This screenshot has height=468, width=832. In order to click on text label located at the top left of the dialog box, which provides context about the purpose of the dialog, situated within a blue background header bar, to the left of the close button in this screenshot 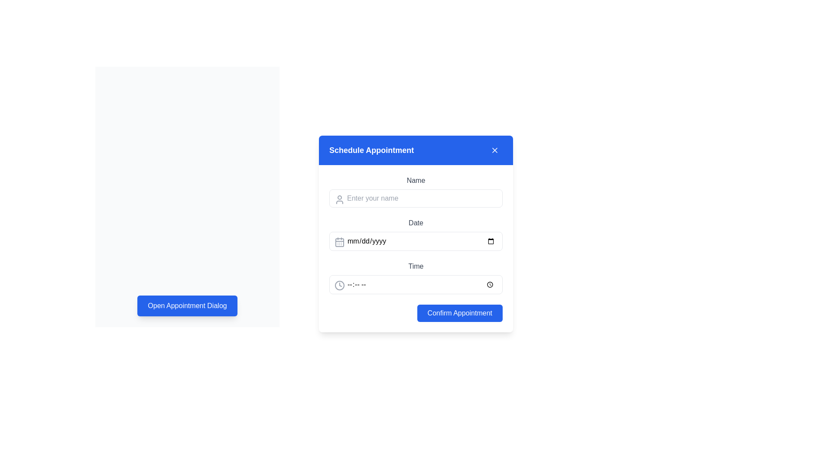, I will do `click(371, 150)`.